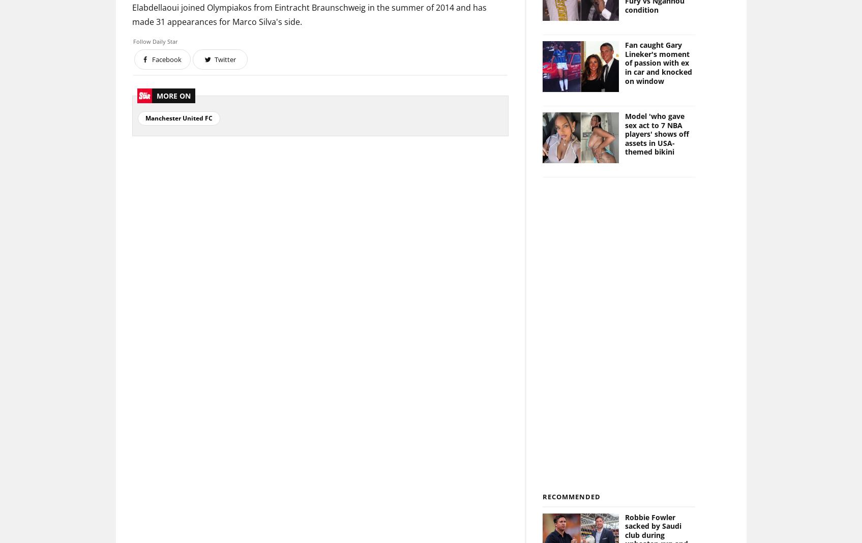 This screenshot has width=862, height=543. Describe the element at coordinates (172, 96) in the screenshot. I see `'More On'` at that location.